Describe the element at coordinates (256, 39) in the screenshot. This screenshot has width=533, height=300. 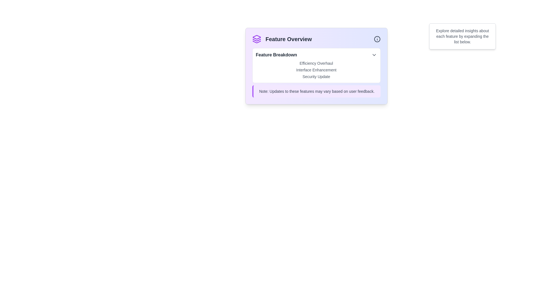
I see `the icon that serves as an identifier for the 'Feature Overview' section to interact with it` at that location.